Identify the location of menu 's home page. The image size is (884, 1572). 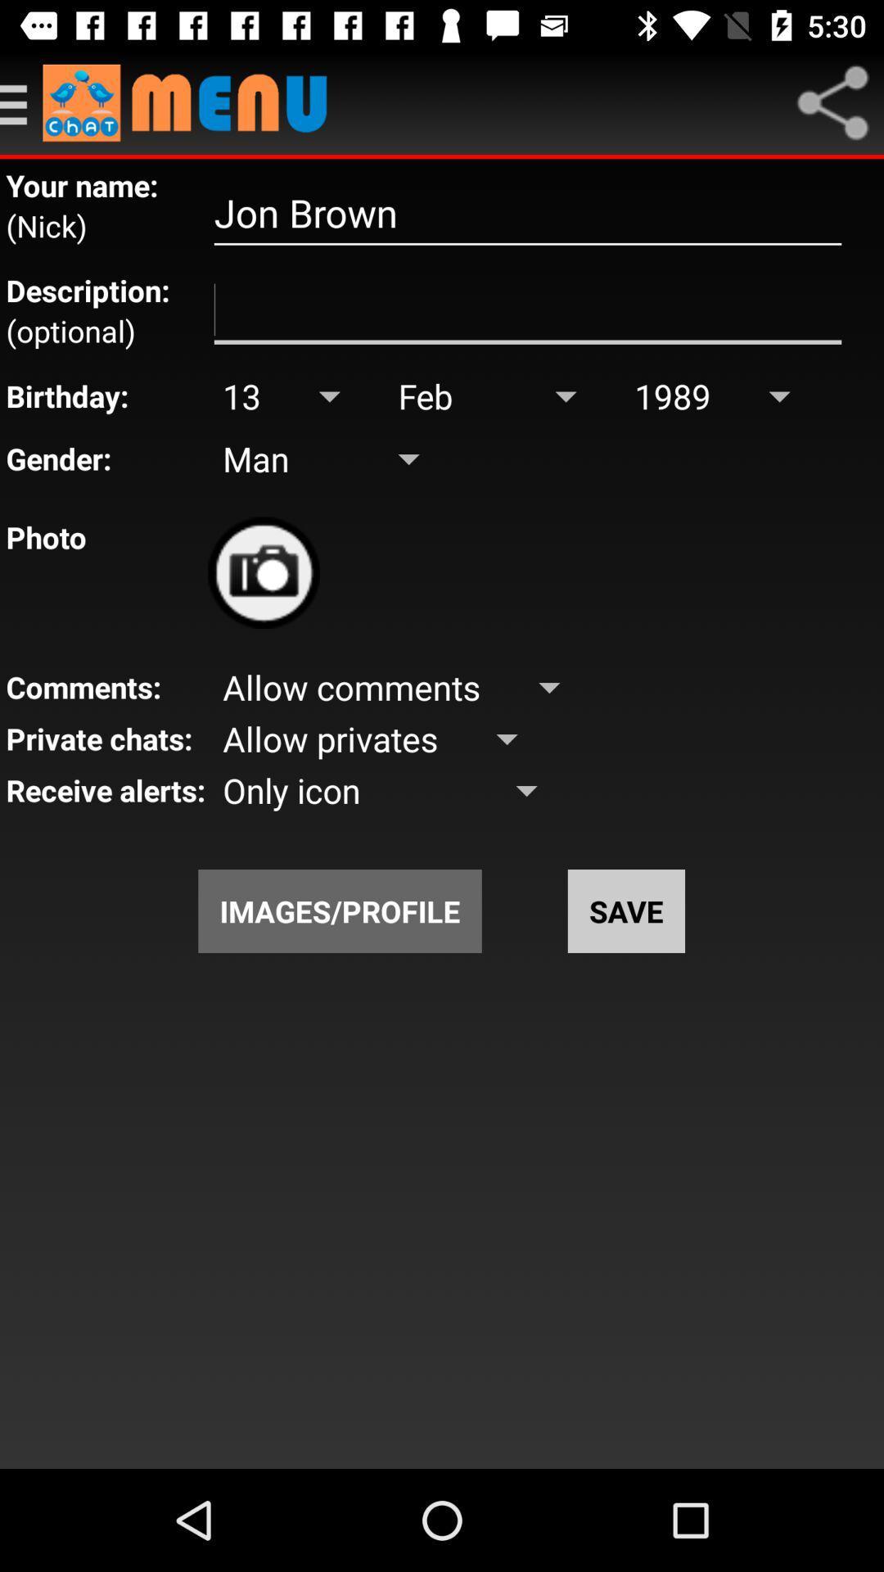
(192, 102).